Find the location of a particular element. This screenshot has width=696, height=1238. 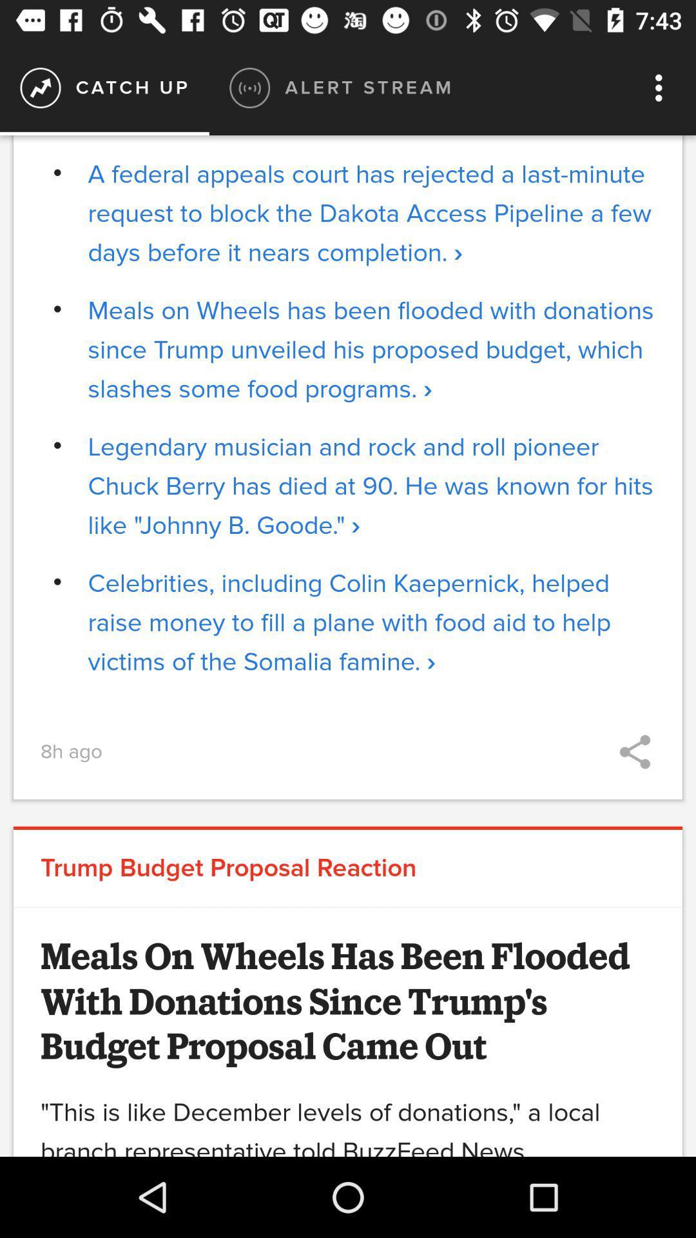

the celebrities including colin icon is located at coordinates (371, 622).